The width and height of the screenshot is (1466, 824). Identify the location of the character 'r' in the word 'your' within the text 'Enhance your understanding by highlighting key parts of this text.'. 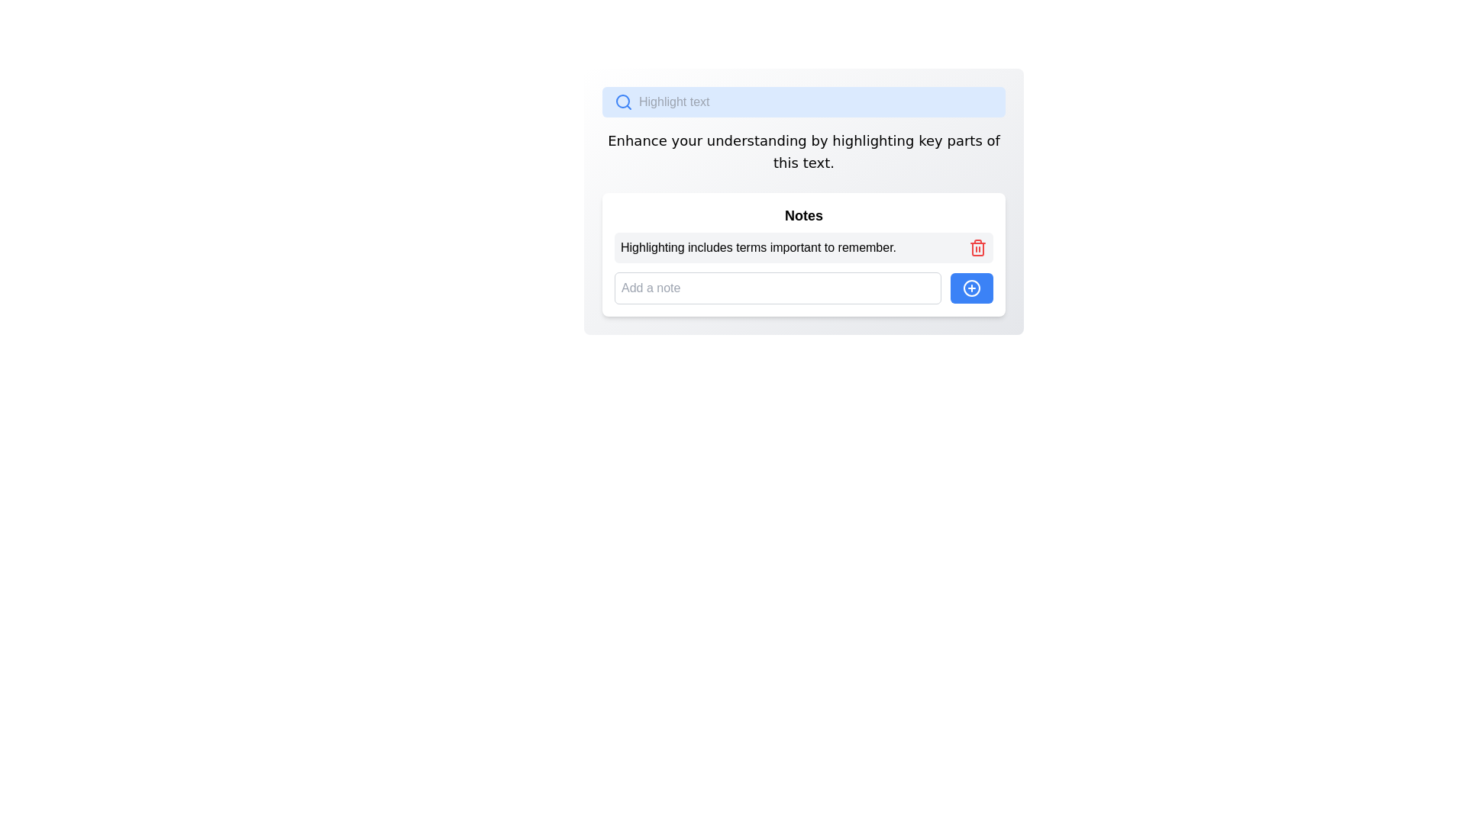
(699, 140).